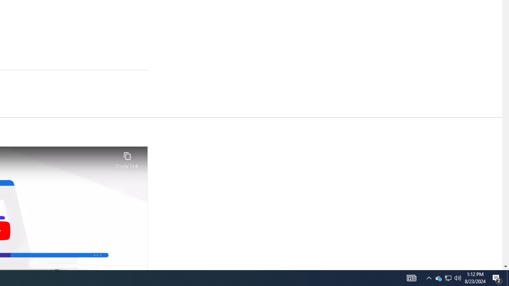 The width and height of the screenshot is (509, 286). I want to click on 'Copy link', so click(127, 158).